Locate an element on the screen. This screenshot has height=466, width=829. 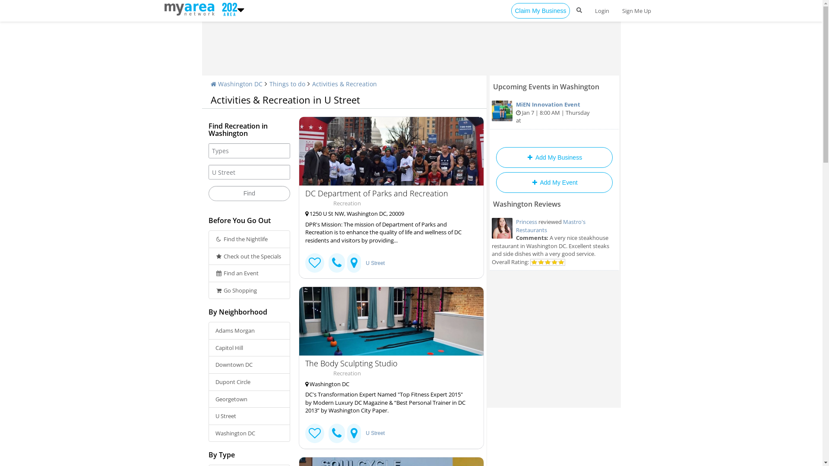
'Connect' is located at coordinates (314, 433).